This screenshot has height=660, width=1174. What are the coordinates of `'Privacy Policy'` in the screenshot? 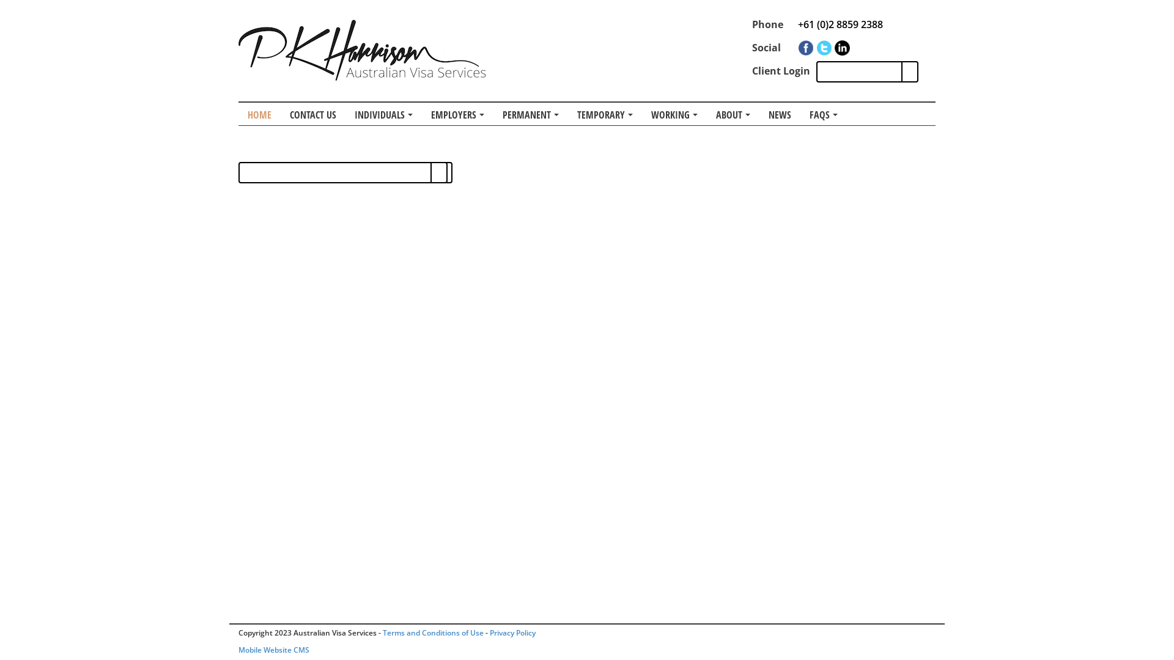 It's located at (512, 632).